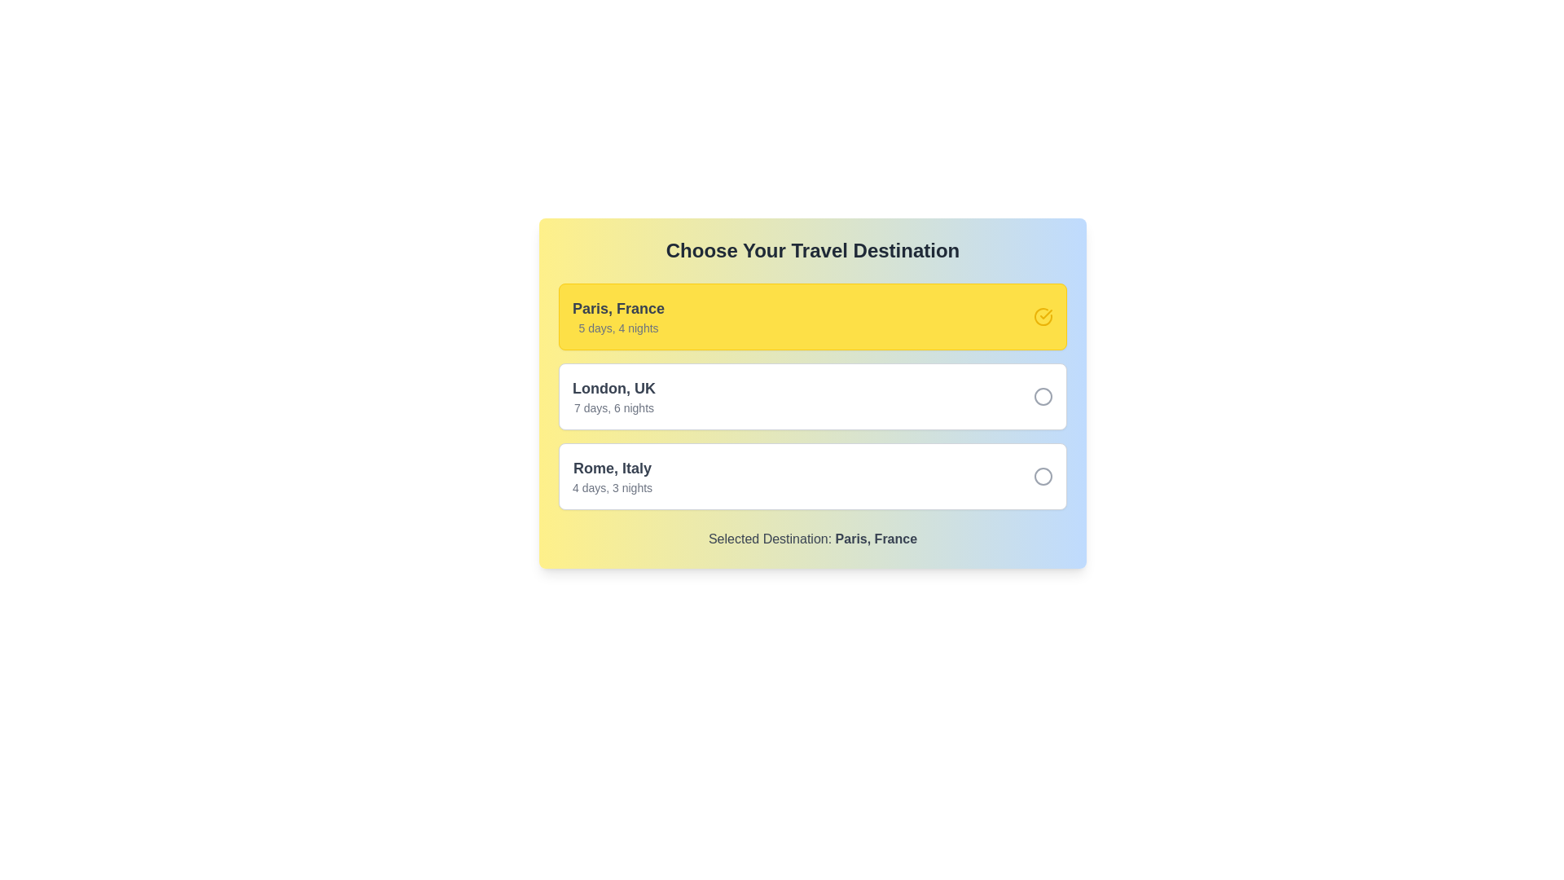  Describe the element at coordinates (1043, 477) in the screenshot. I see `the radio button element for the travel destination 'Rome, Italy'` at that location.